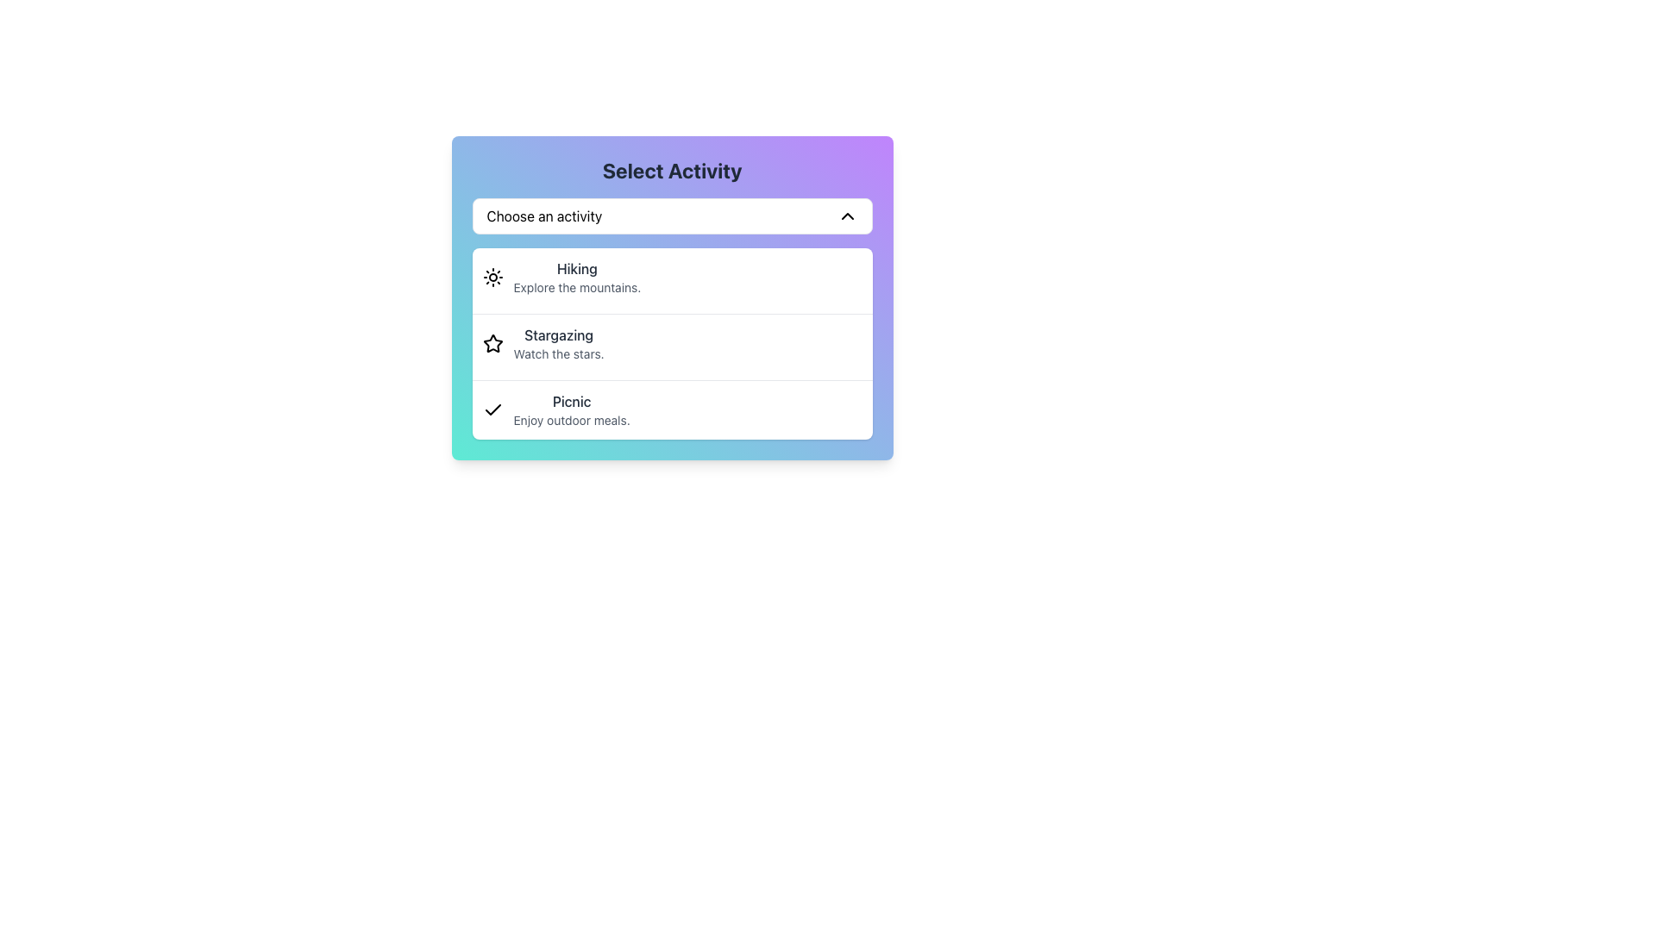 Image resolution: width=1656 pixels, height=931 pixels. Describe the element at coordinates (671, 215) in the screenshot. I see `the dropdown menu labeled 'Choose an activity'` at that location.